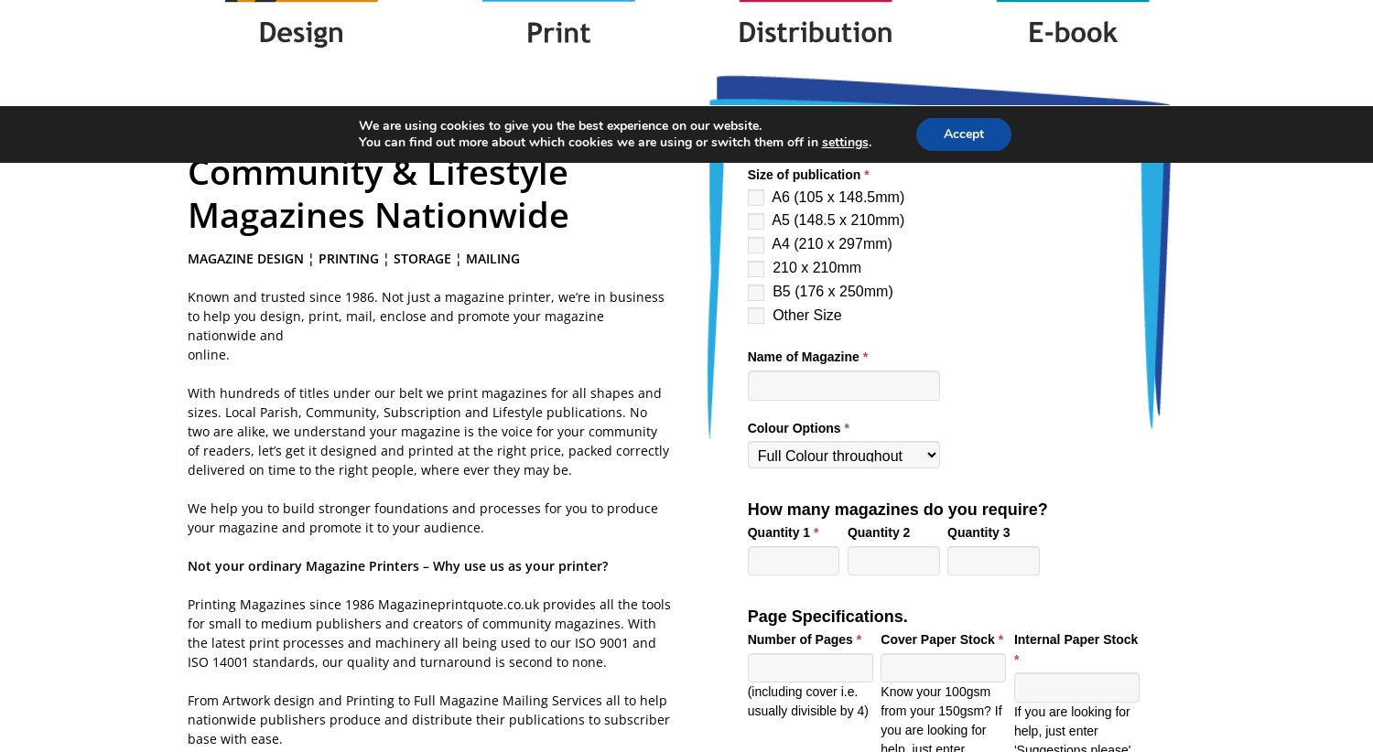 The width and height of the screenshot is (1373, 752). What do you see at coordinates (829, 242) in the screenshot?
I see `'A4 (210 x 297mm)'` at bounding box center [829, 242].